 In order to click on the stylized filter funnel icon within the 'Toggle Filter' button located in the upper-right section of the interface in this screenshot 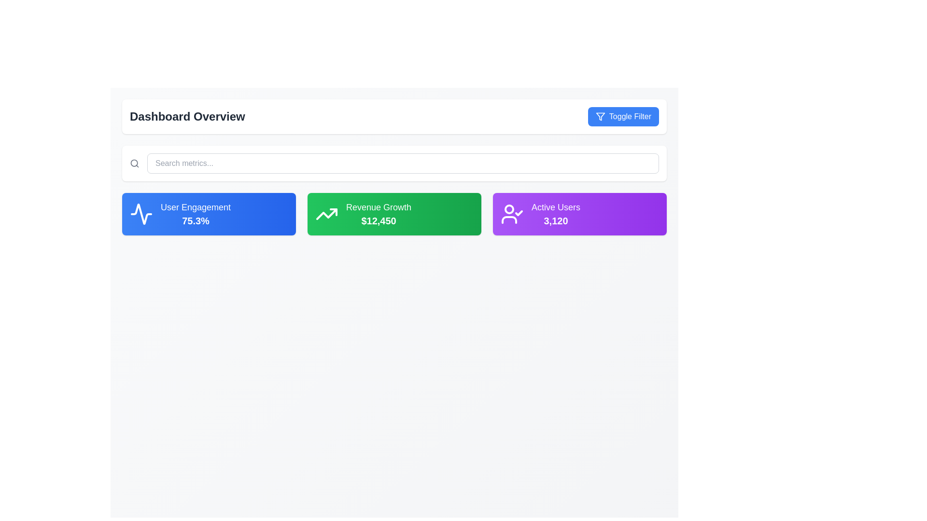, I will do `click(600, 116)`.